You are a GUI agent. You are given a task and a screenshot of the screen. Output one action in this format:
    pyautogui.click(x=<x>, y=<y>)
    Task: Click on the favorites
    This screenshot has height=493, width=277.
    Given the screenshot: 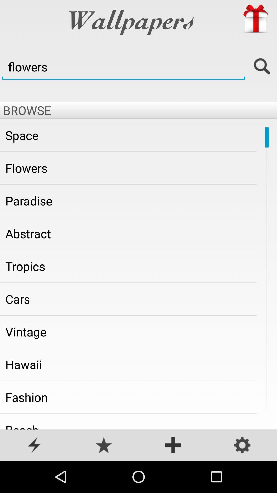 What is the action you would take?
    pyautogui.click(x=104, y=445)
    